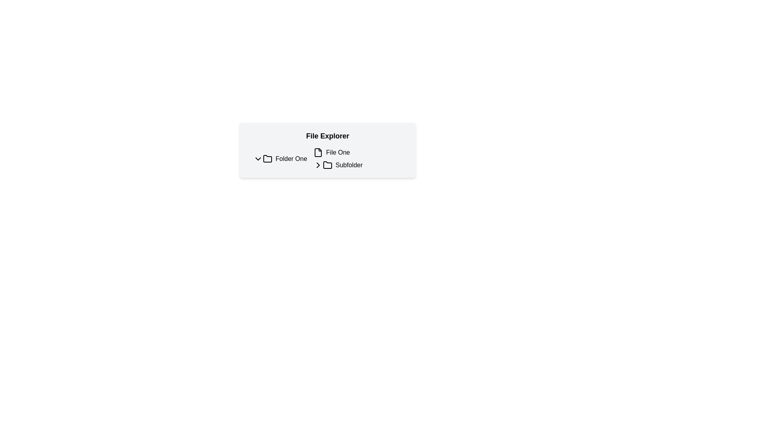  What do you see at coordinates (318, 152) in the screenshot?
I see `the file icon styled in a minimalistic, outlined format, which resembles a document with a folded top-right corner, positioned under the 'File One' label in the file explorer interface` at bounding box center [318, 152].